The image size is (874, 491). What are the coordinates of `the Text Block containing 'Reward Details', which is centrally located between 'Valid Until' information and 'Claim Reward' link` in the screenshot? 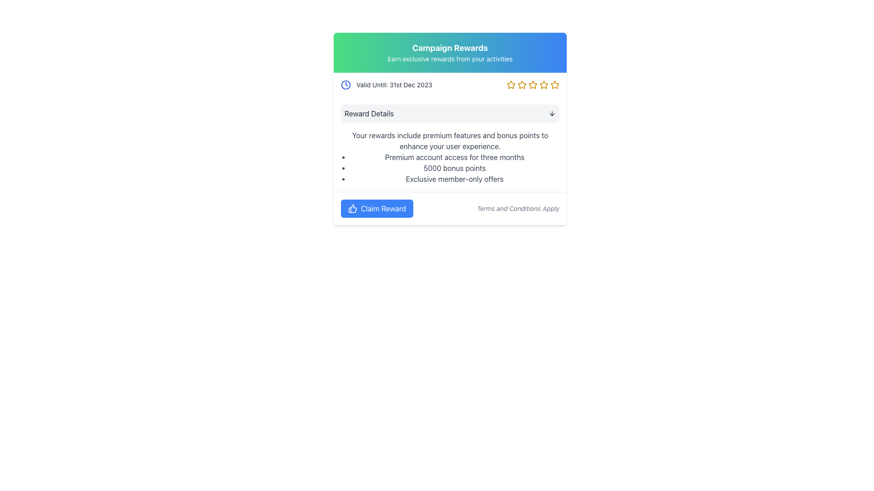 It's located at (450, 144).